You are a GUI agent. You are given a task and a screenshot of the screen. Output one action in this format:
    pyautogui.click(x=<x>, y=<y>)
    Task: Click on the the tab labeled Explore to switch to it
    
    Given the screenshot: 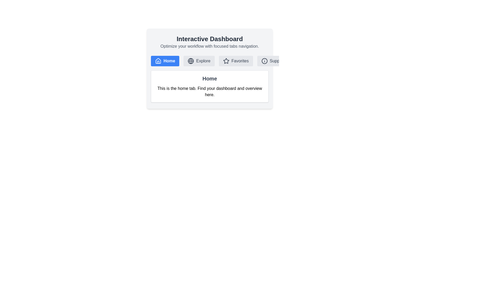 What is the action you would take?
    pyautogui.click(x=199, y=61)
    